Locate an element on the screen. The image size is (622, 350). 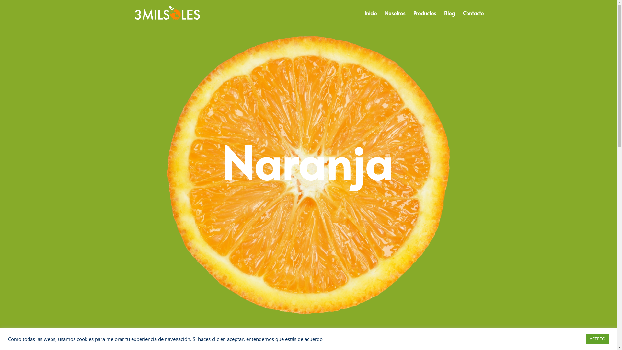
'Productos' is located at coordinates (424, 18).